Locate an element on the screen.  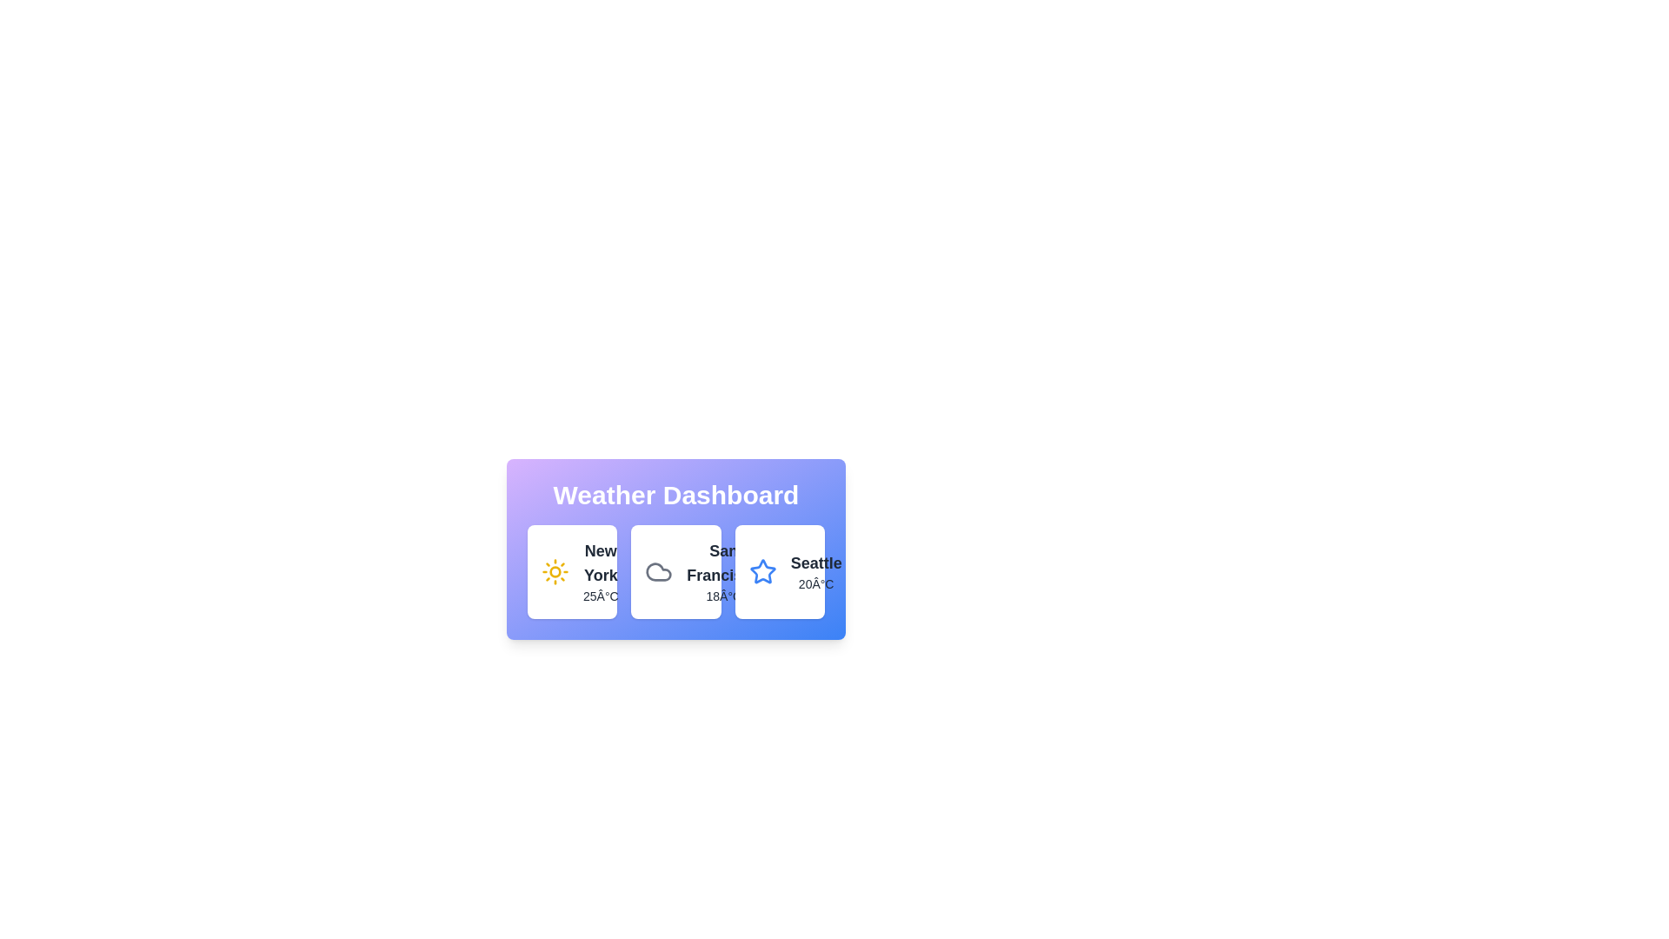
the cloud-shaped icon styled in gray, located in the bottom-right corner of the dashboard representing Seattle's weather information is located at coordinates (658, 572).